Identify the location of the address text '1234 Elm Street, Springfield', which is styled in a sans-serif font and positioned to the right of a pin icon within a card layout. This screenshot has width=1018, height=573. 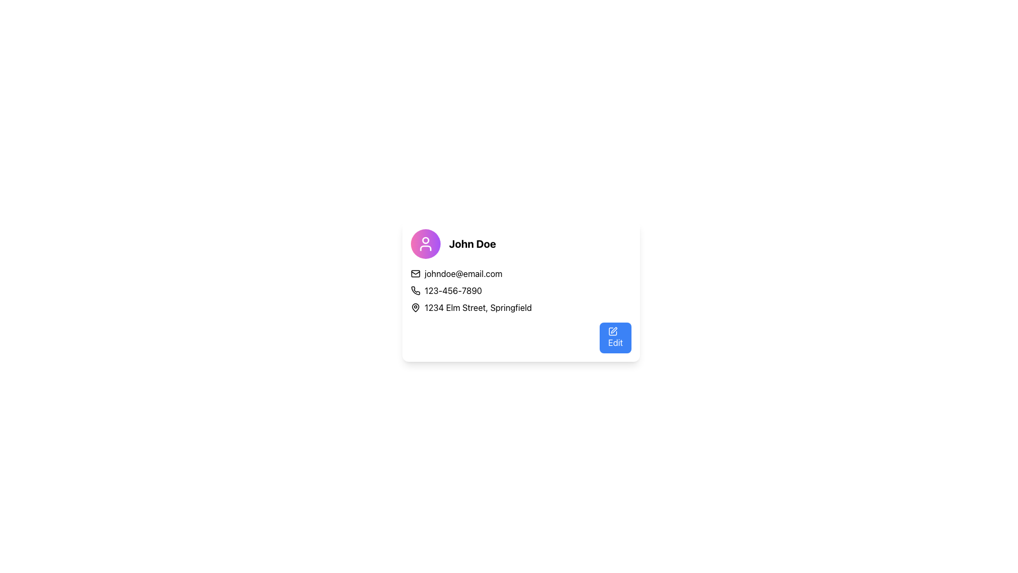
(478, 307).